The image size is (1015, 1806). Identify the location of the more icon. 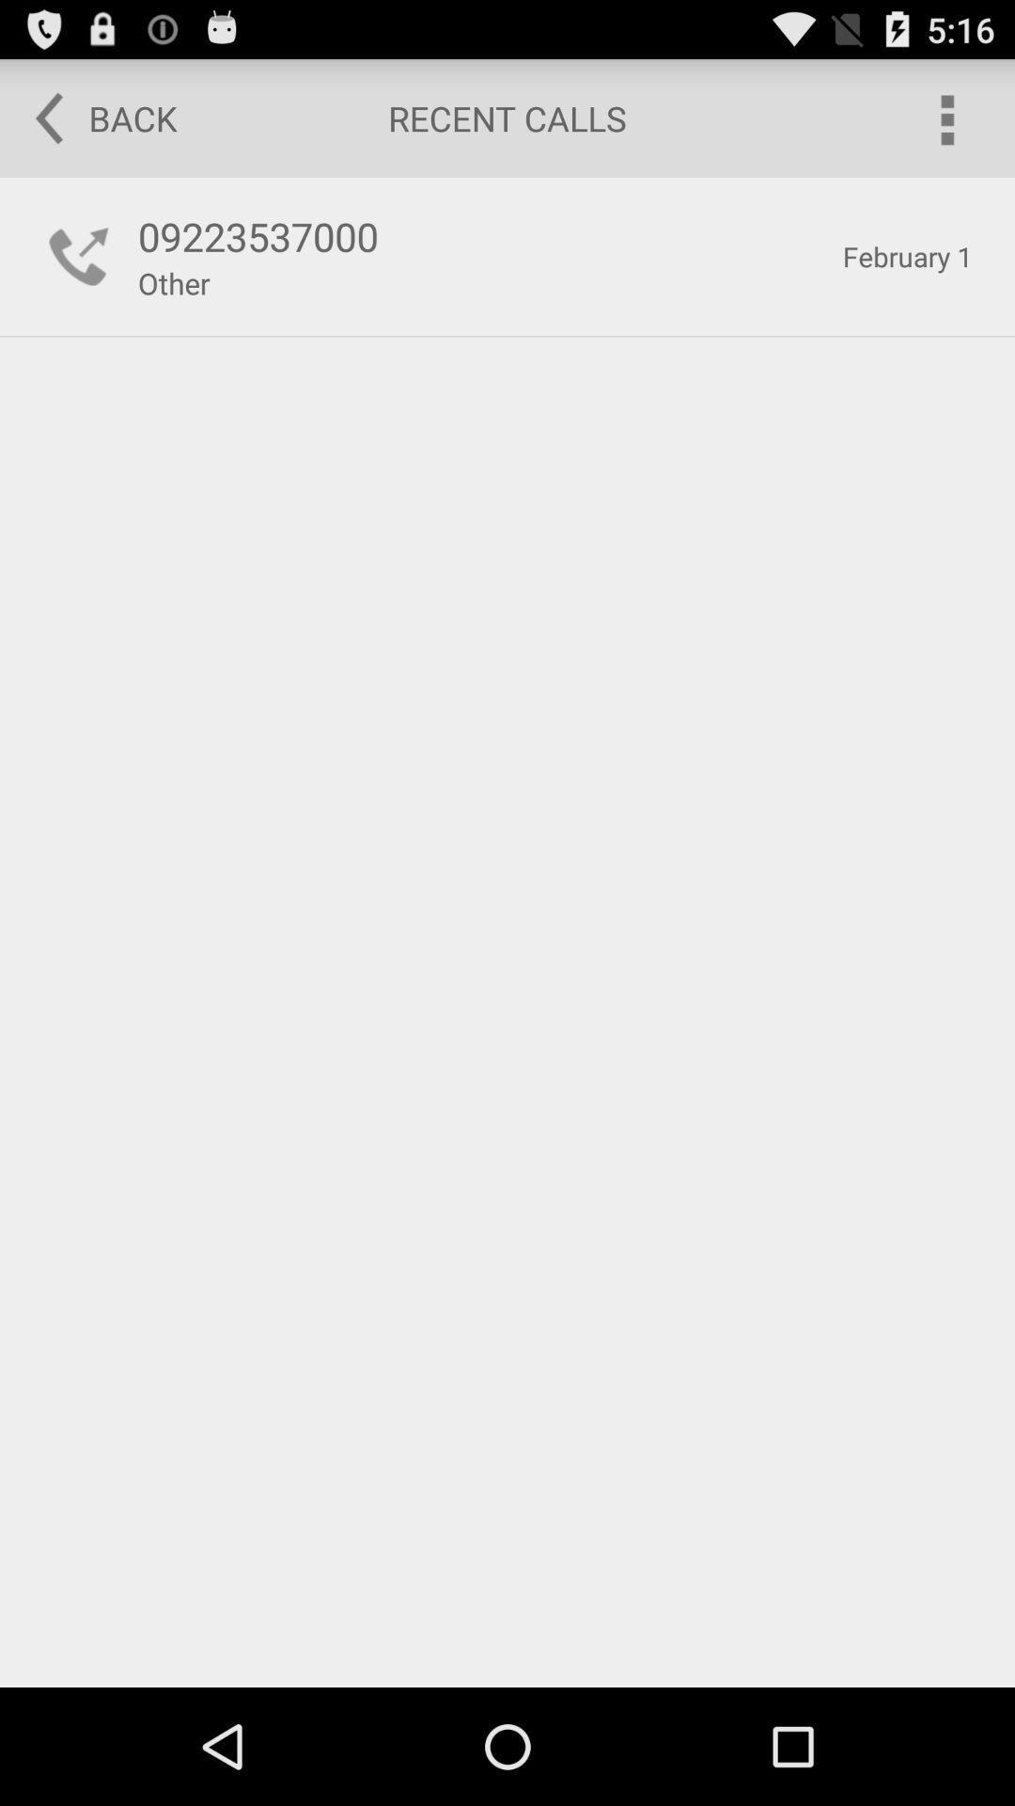
(945, 125).